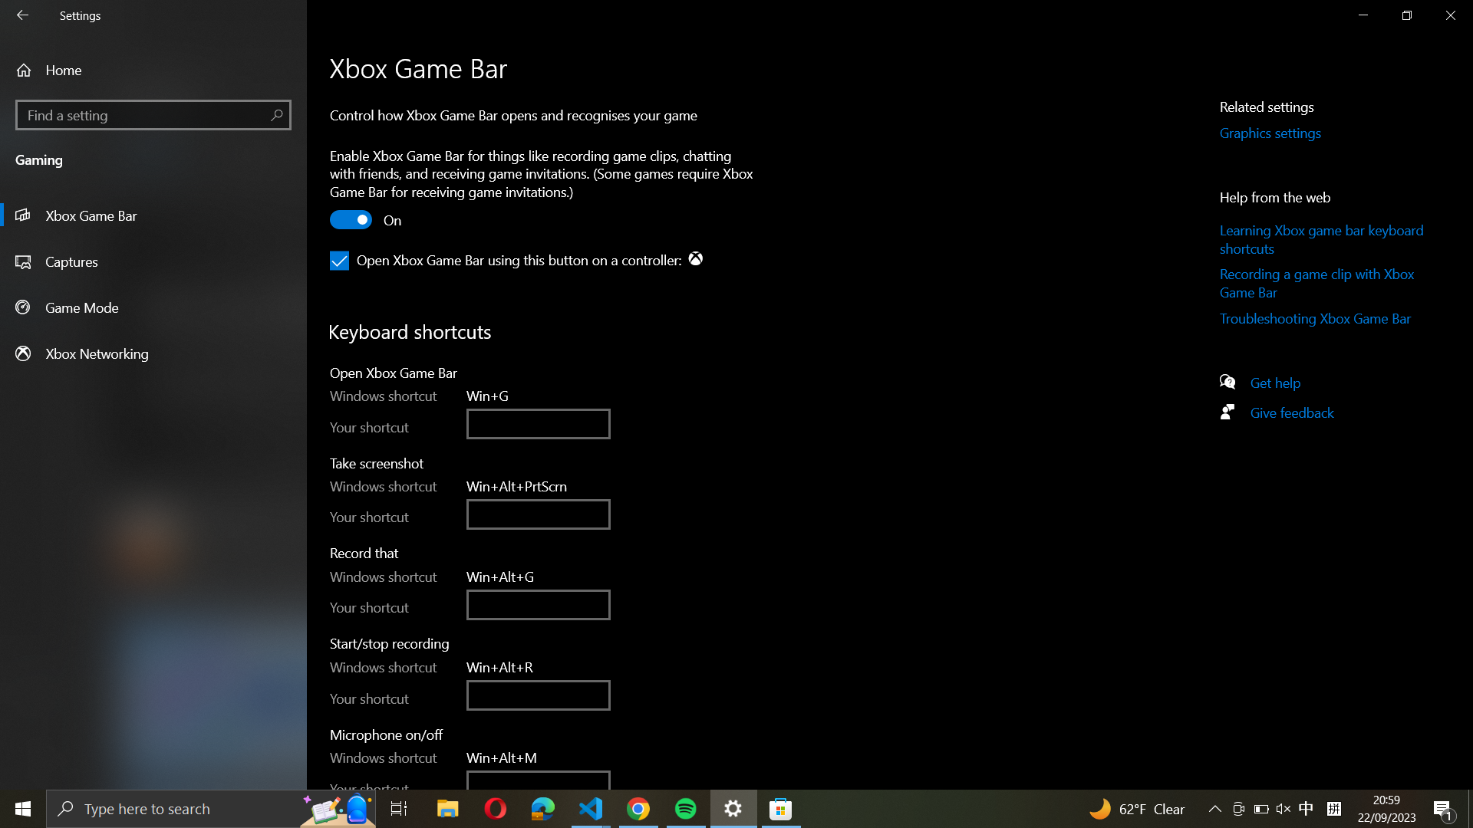 The width and height of the screenshot is (1473, 828). What do you see at coordinates (153, 70) in the screenshot?
I see `the Home page in settings through the house-shaped icon` at bounding box center [153, 70].